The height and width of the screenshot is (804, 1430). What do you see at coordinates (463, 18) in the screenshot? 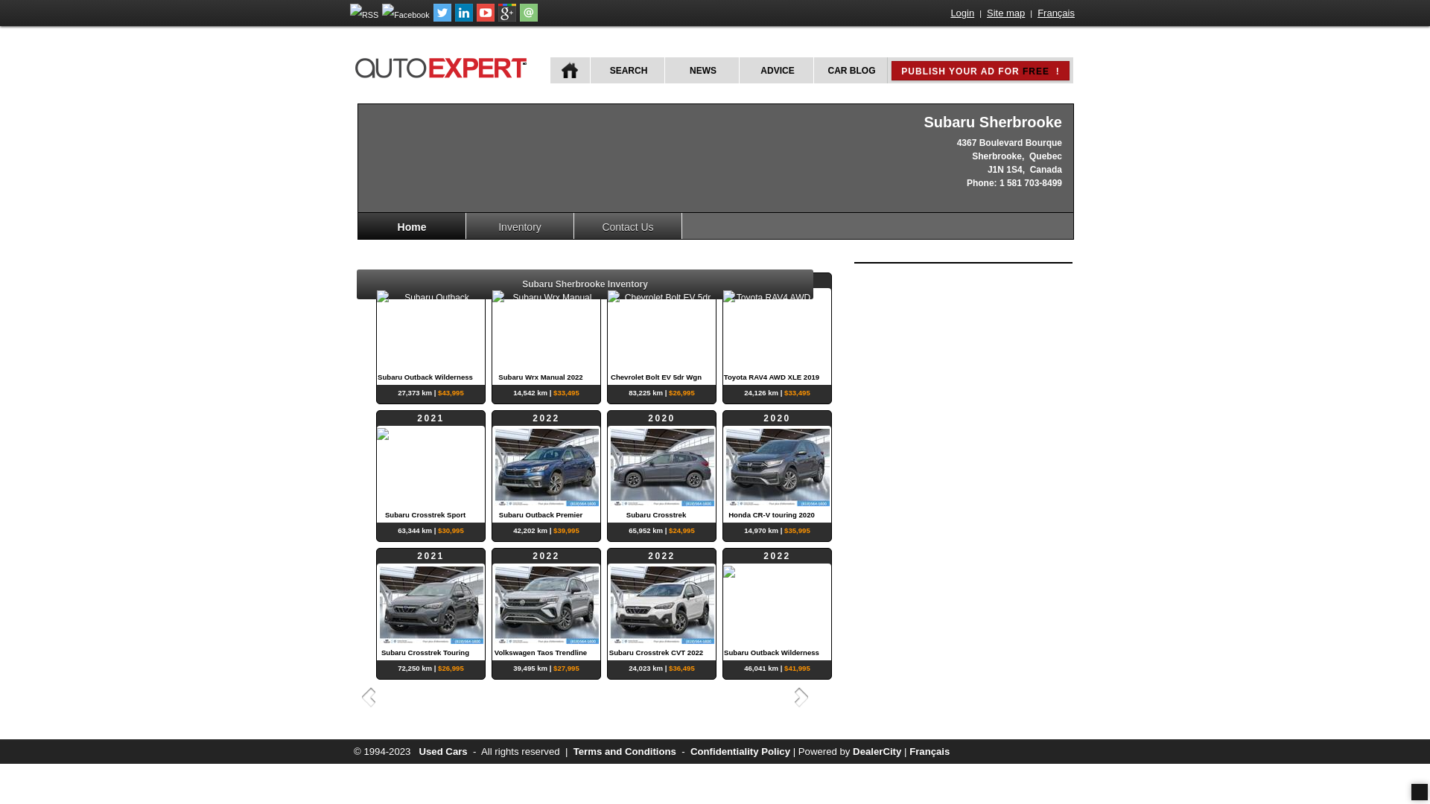
I see `'Follow Publications Le Guide Inc. on LinkedIn'` at bounding box center [463, 18].